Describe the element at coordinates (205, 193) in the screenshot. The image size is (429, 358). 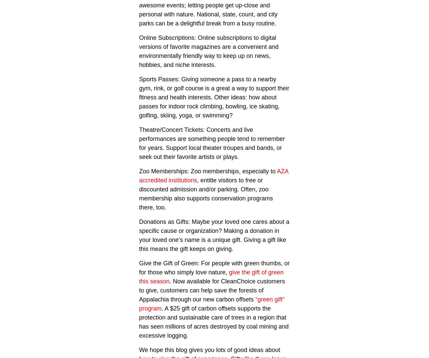
I see `', entitle visitors to free or discounted admission and/or parking. Often, zoo membership also supports conservation programs there, too.'` at that location.